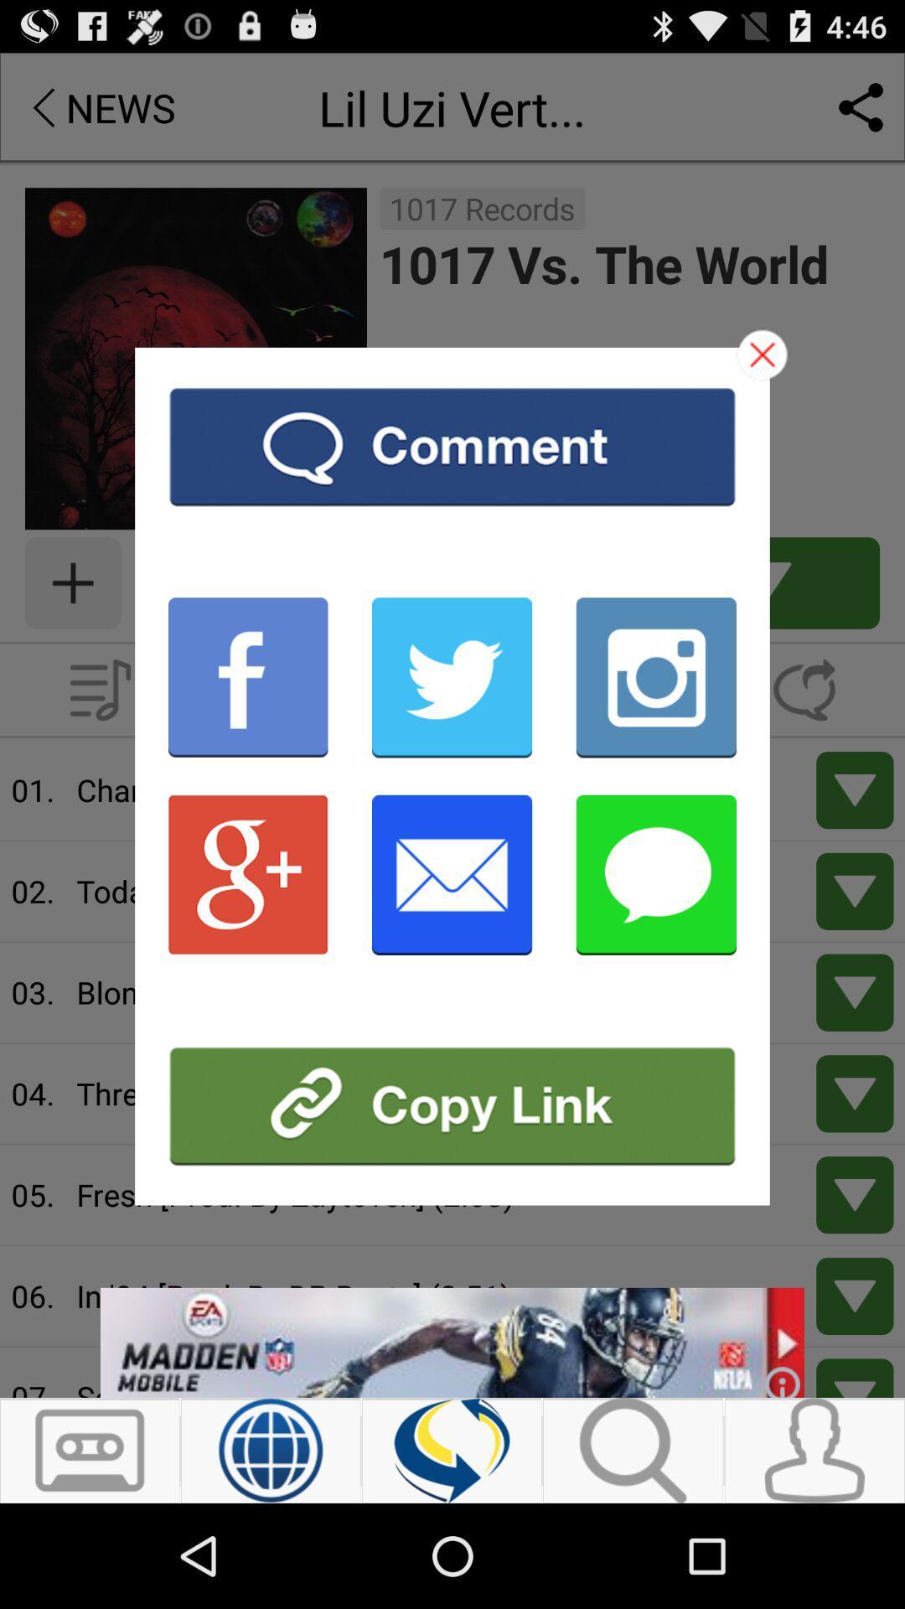  I want to click on close, so click(763, 354).